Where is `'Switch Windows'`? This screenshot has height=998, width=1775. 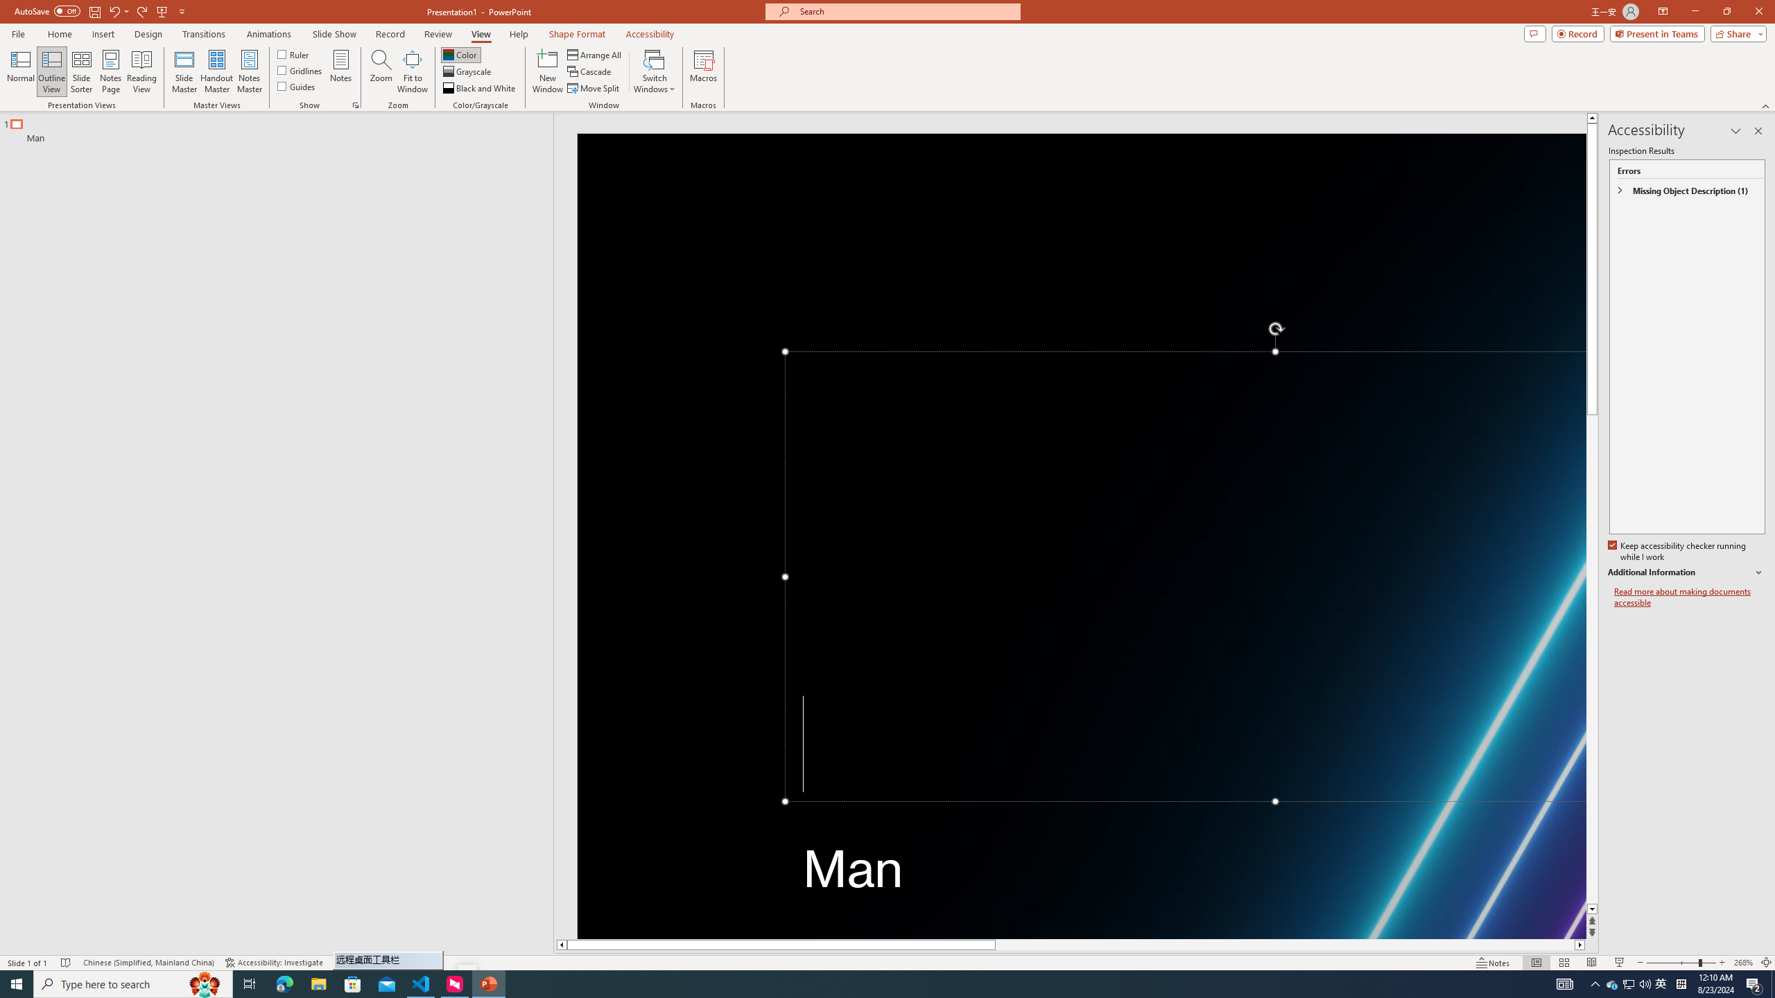 'Switch Windows' is located at coordinates (654, 71).